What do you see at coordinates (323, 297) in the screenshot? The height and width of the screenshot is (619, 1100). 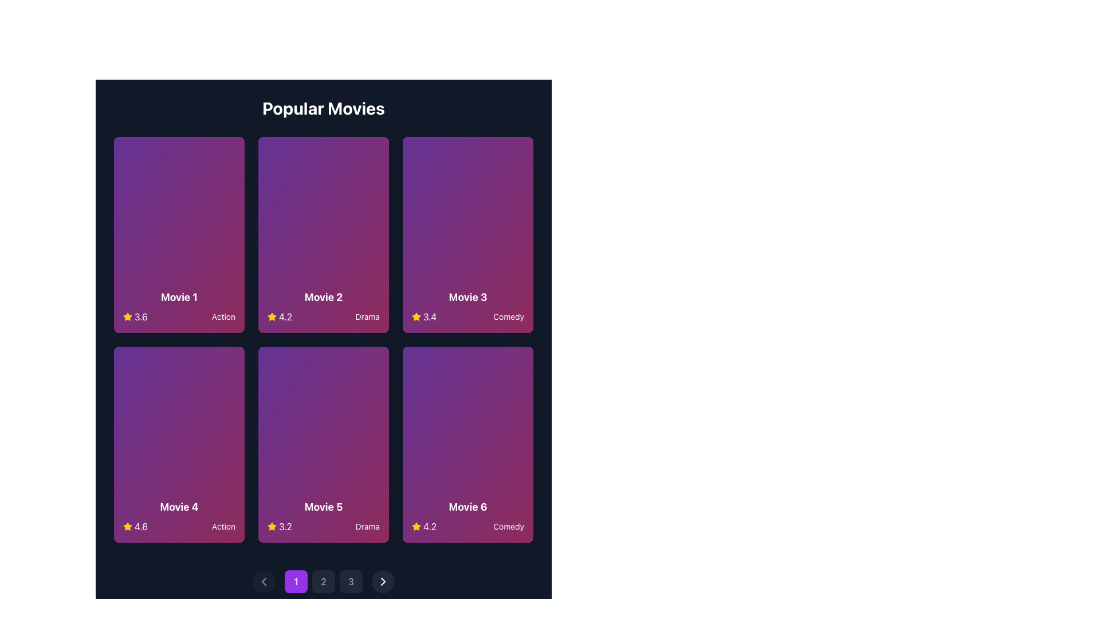 I see `the text label 'Movie 2' which is prominently displayed at the top of a purple rectangular card in the second card of the first row in a grid layout` at bounding box center [323, 297].